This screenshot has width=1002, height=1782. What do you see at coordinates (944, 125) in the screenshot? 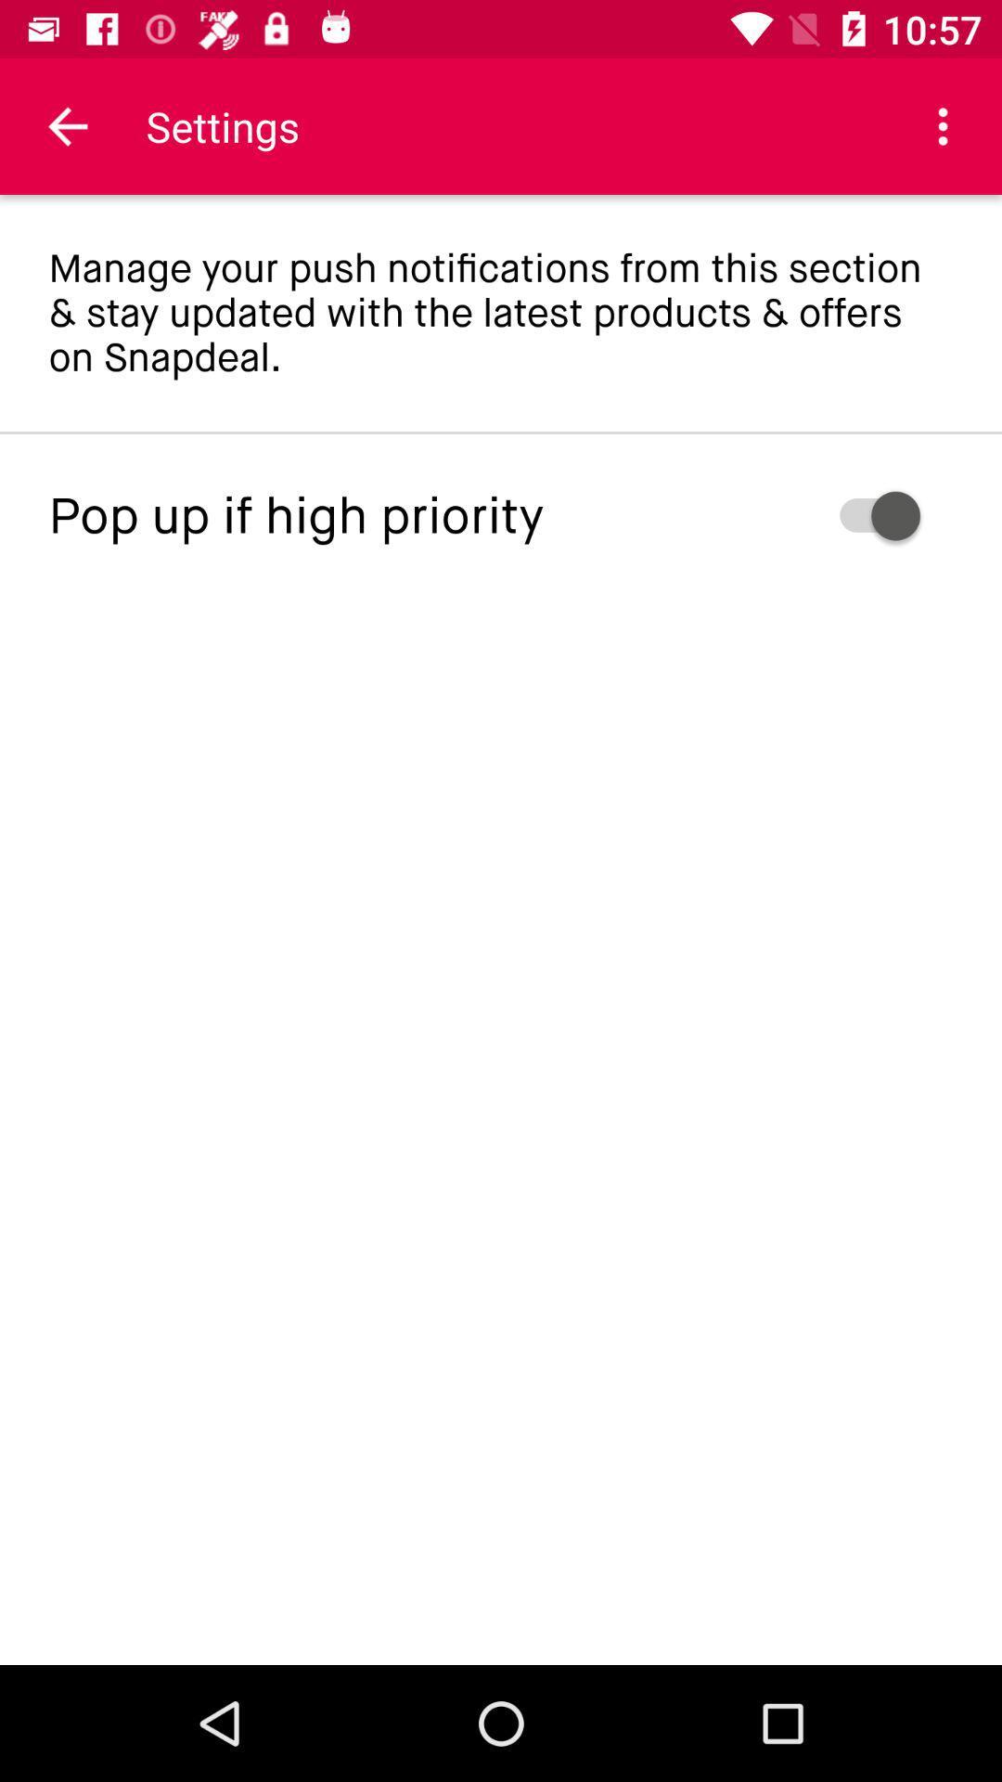
I see `the icon above the manage your push` at bounding box center [944, 125].